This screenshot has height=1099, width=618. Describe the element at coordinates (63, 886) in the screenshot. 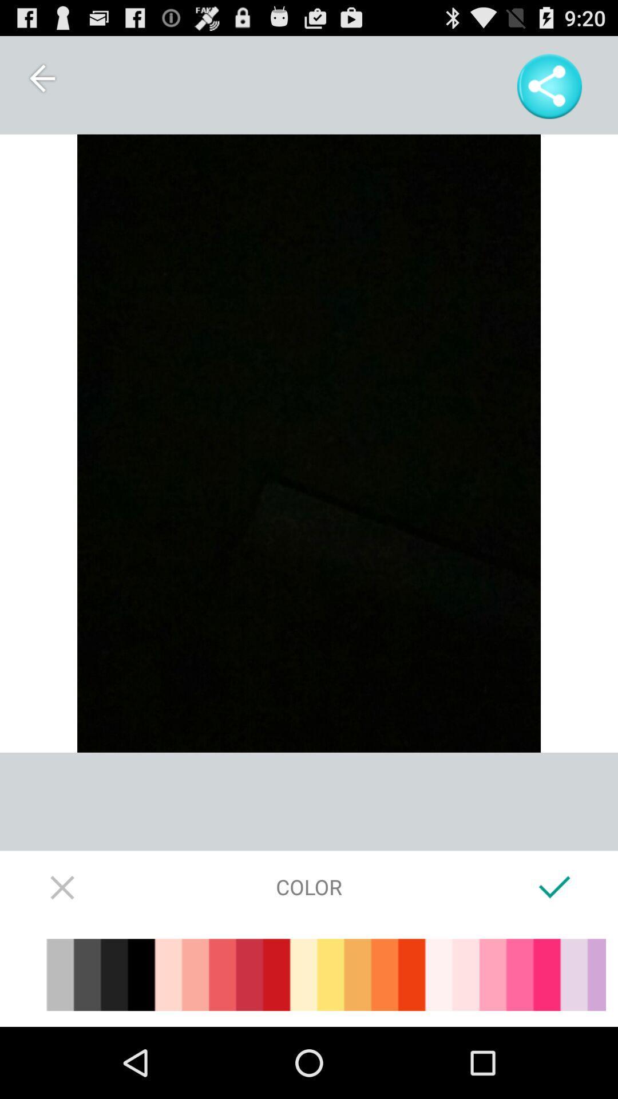

I see `the icon next to color icon` at that location.